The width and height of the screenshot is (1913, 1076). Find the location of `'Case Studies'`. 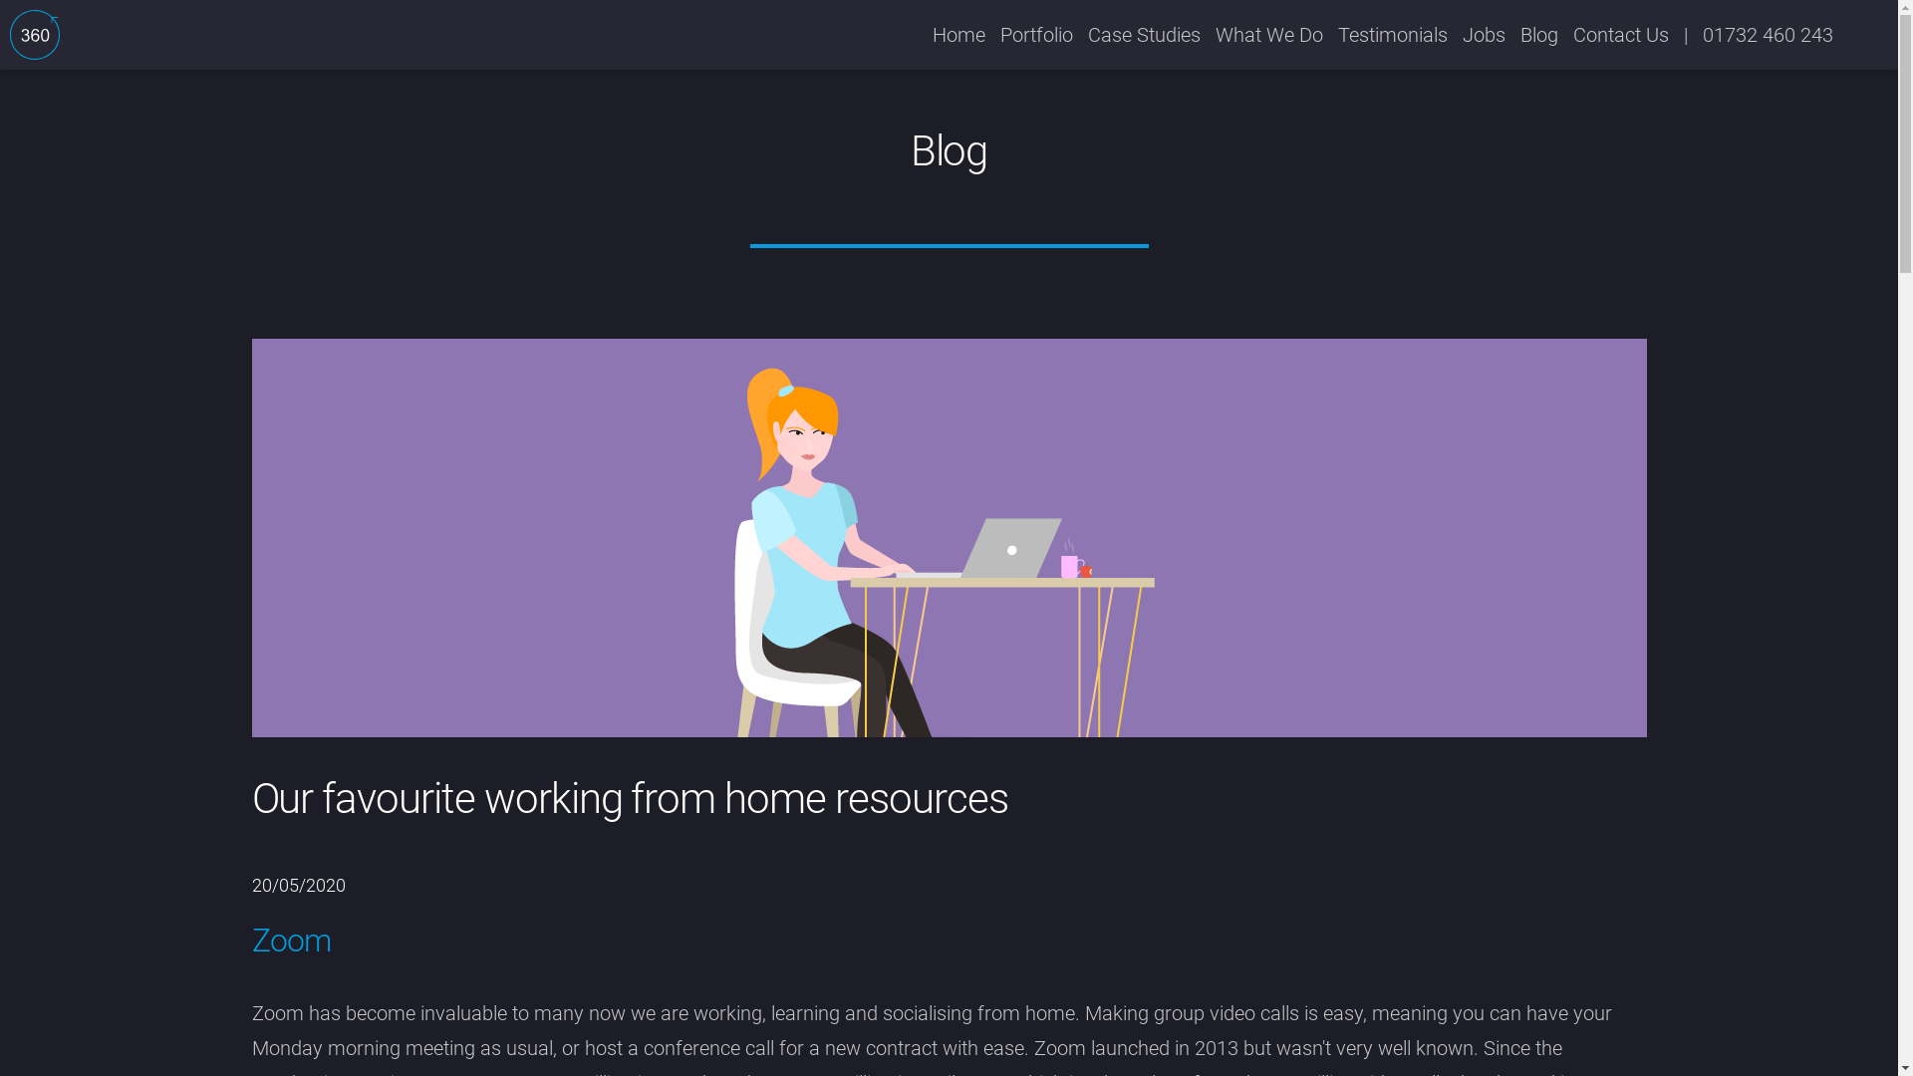

'Case Studies' is located at coordinates (1086, 35).